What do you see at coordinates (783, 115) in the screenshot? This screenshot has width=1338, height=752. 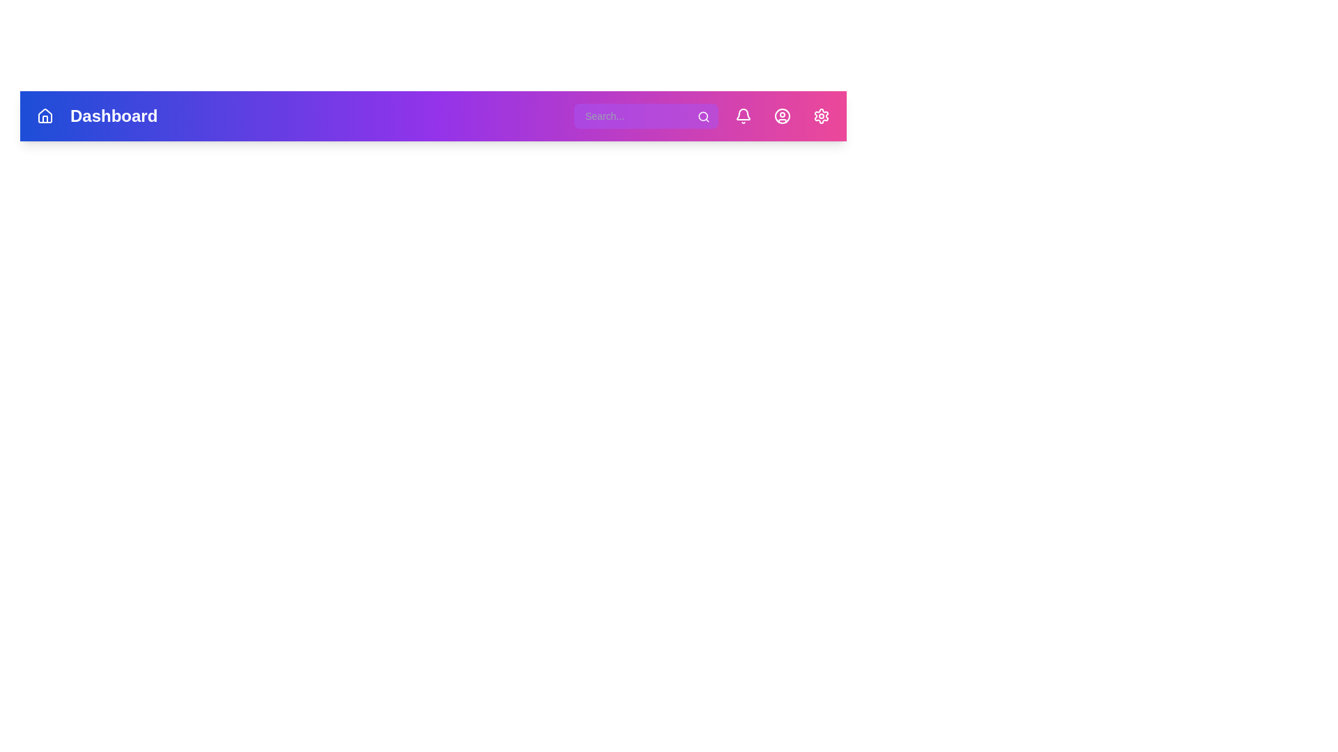 I see `the User Profile button to access user settings` at bounding box center [783, 115].